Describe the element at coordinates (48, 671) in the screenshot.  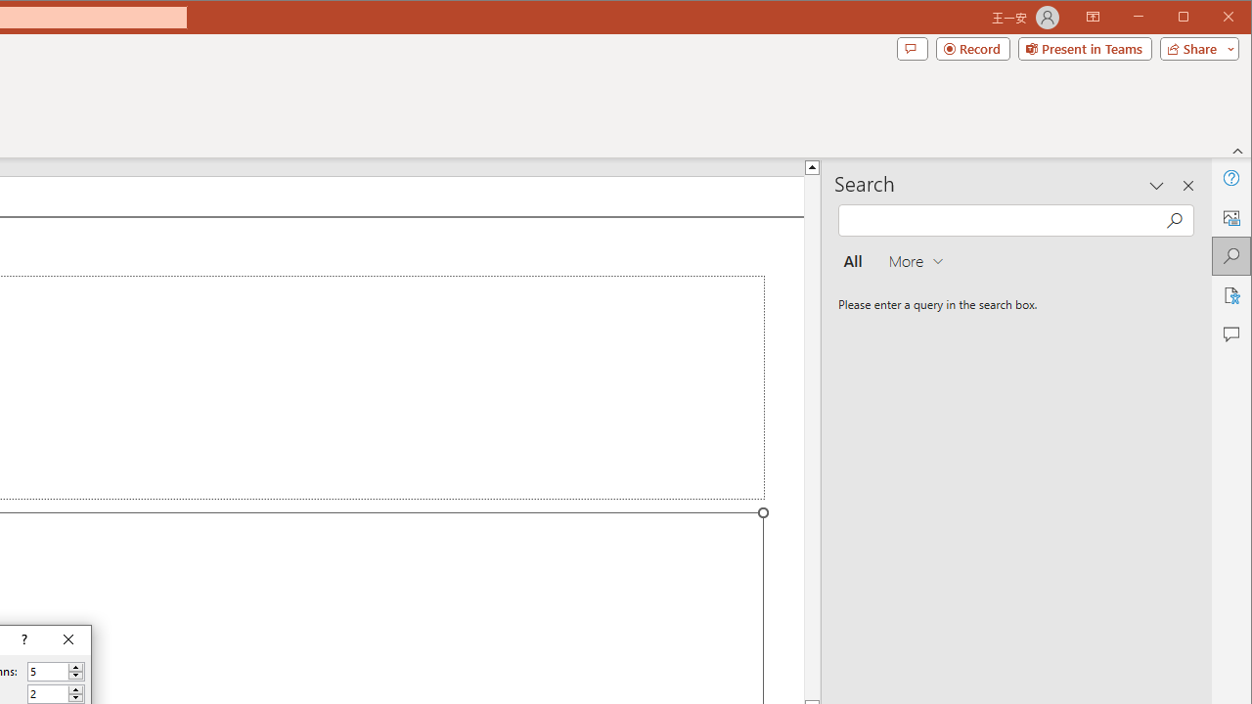
I see `'Number of columns'` at that location.